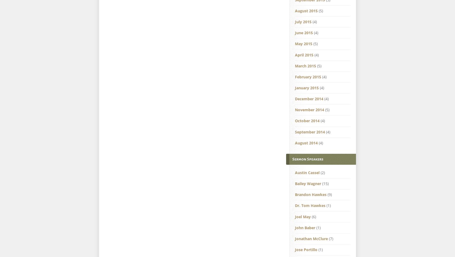  What do you see at coordinates (306, 143) in the screenshot?
I see `'August 2014'` at bounding box center [306, 143].